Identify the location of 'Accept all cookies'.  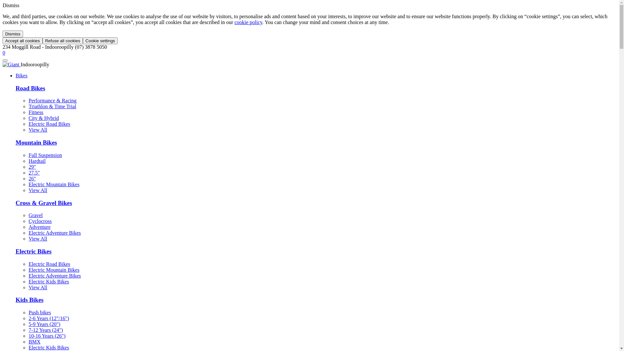
(22, 41).